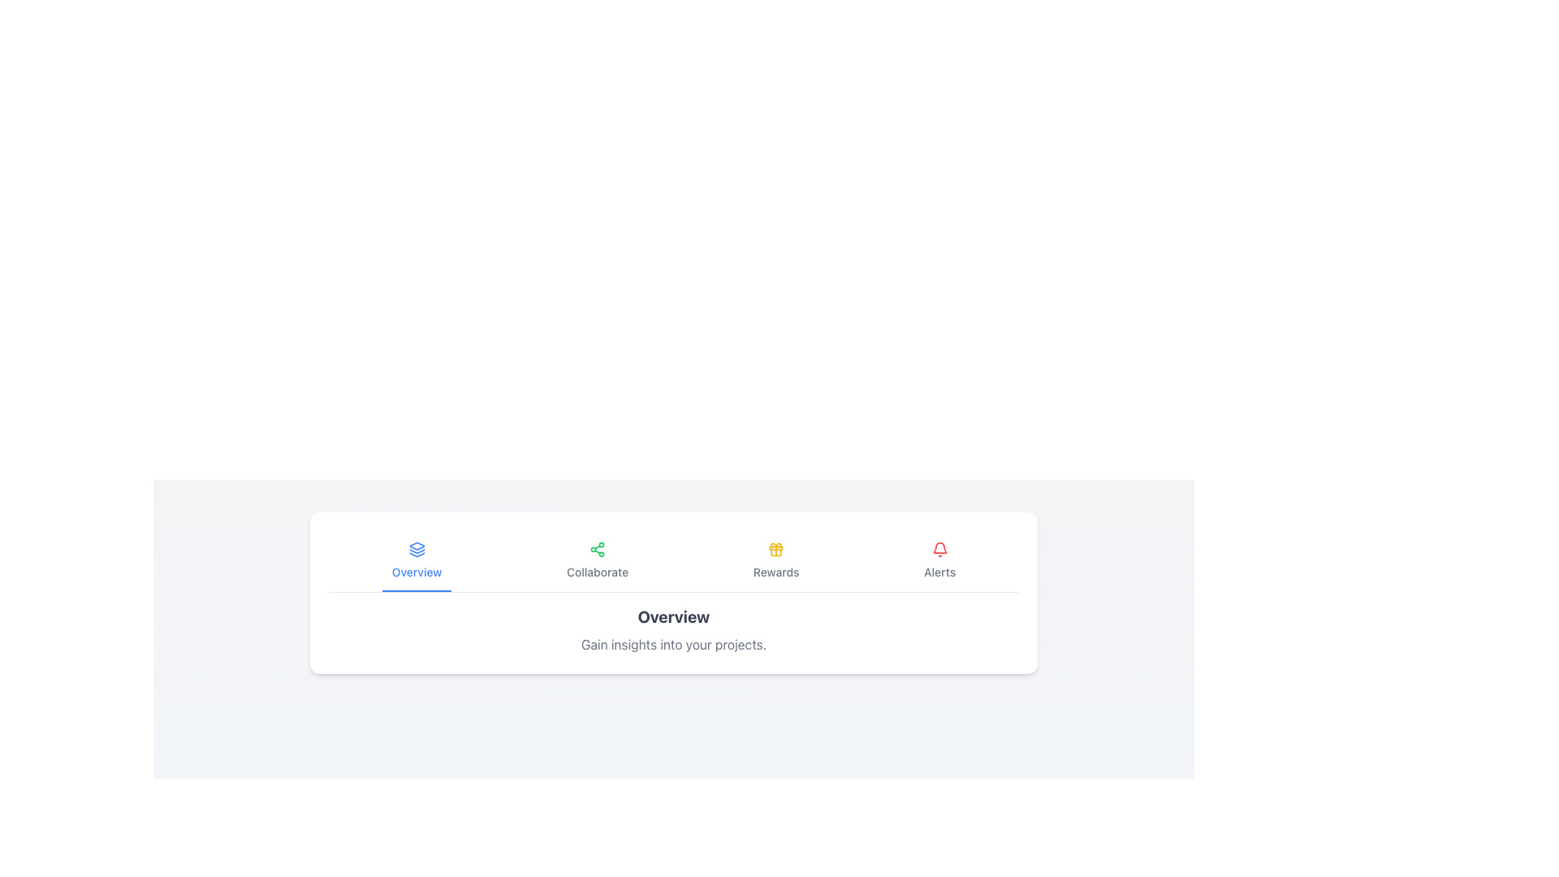 The height and width of the screenshot is (877, 1559). What do you see at coordinates (417, 549) in the screenshot?
I see `the blue layered icon in the top-left section of the navigation bar` at bounding box center [417, 549].